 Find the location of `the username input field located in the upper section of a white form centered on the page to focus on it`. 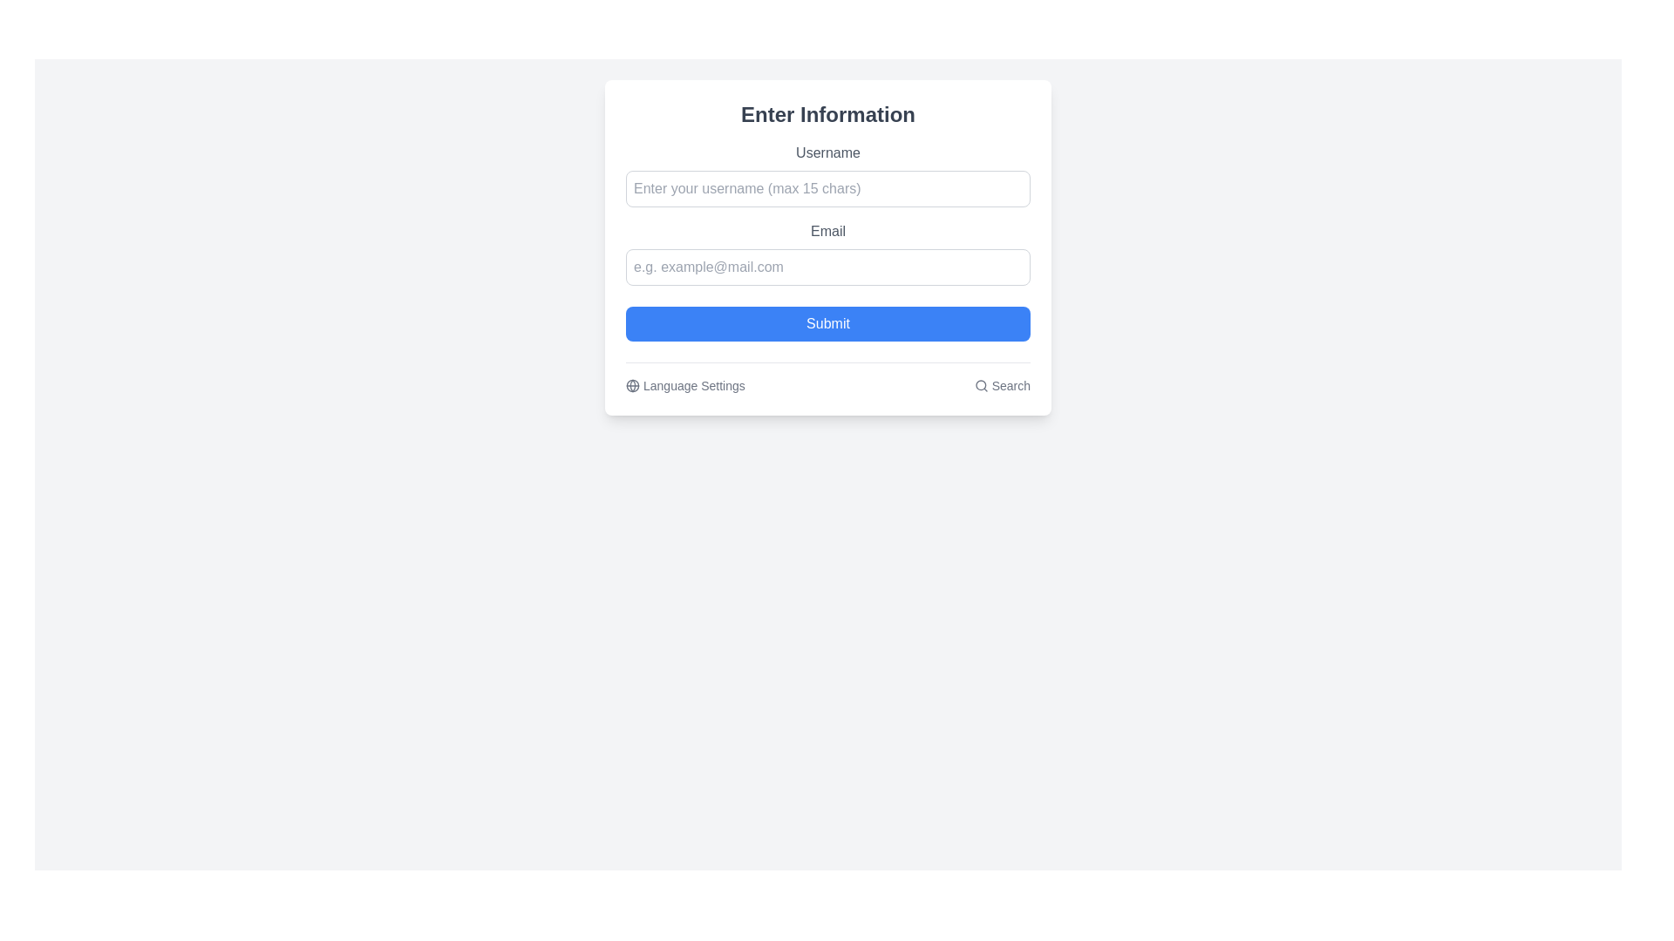

the username input field located in the upper section of a white form centered on the page to focus on it is located at coordinates (827, 174).